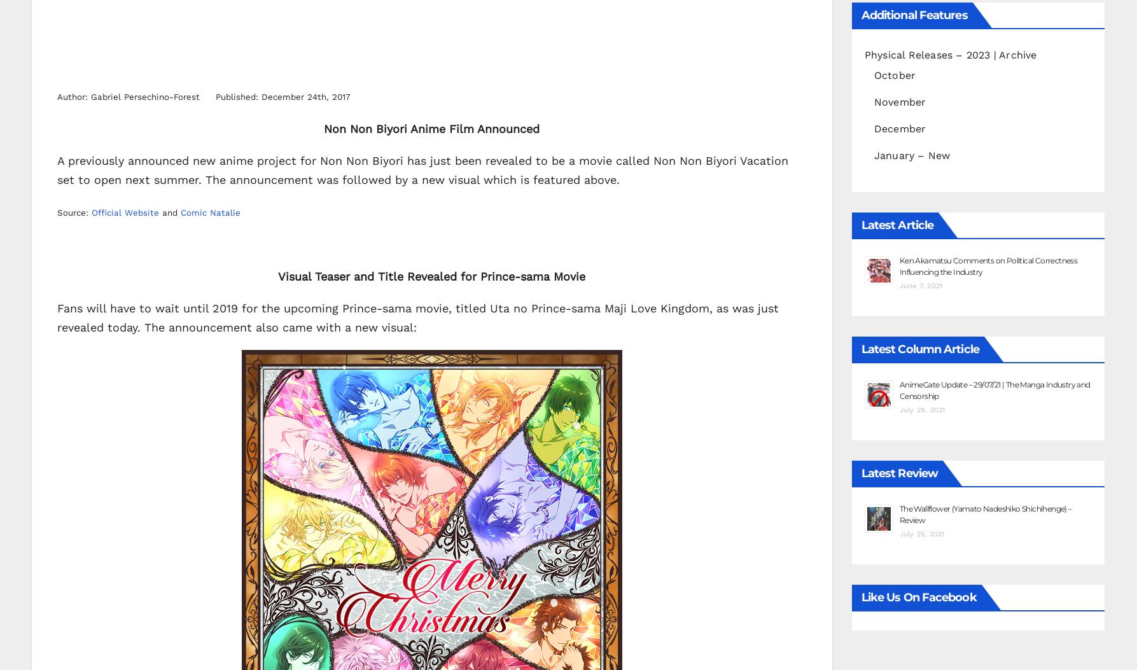  I want to click on 'October', so click(894, 74).